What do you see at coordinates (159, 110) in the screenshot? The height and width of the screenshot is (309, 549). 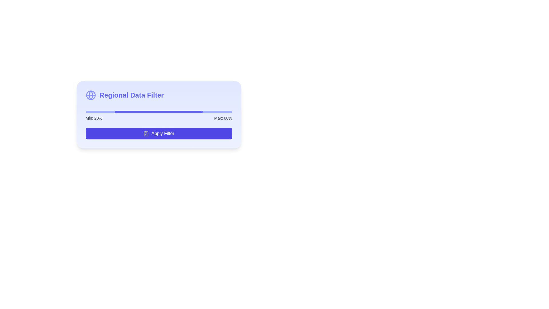 I see `the thumb of the range slider input` at bounding box center [159, 110].